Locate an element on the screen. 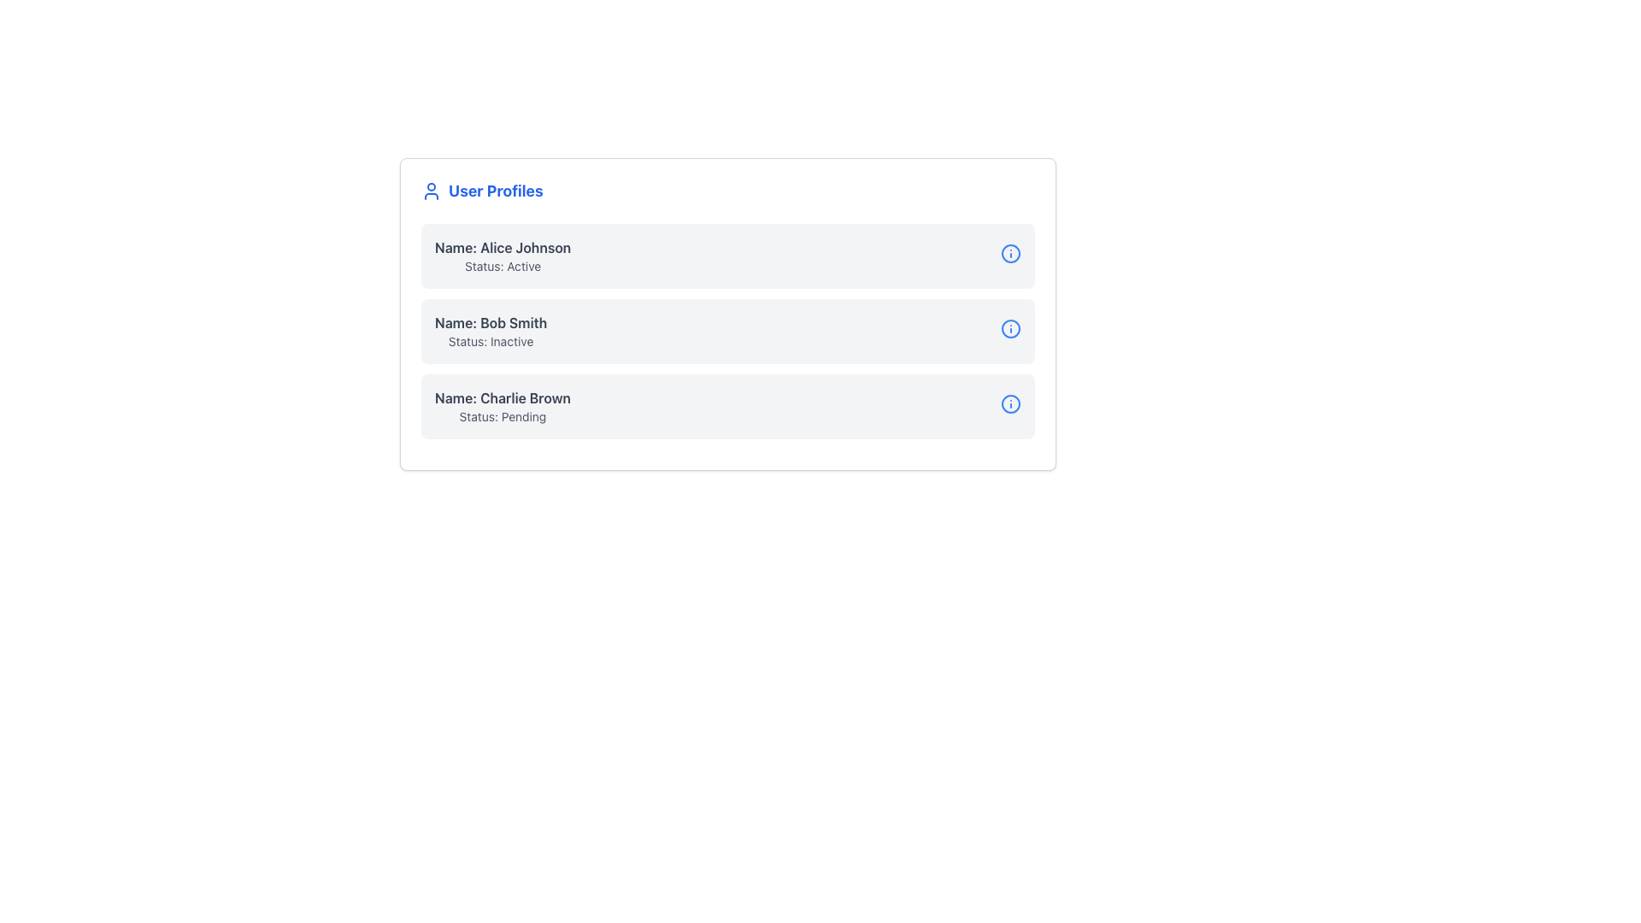 The width and height of the screenshot is (1641, 923). the 'User Profiles' text label, which is bold and large with blue font, located near the top-left corner of the content area adjacent to a user silhouette icon is located at coordinates (495, 191).